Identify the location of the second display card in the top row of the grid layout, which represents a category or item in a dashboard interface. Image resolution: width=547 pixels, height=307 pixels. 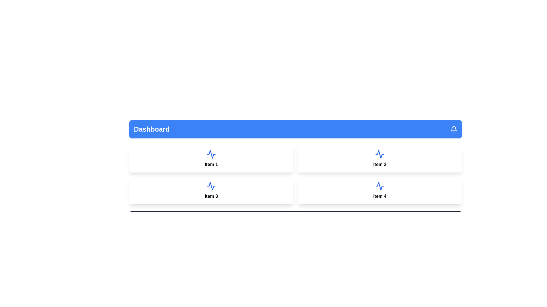
(380, 159).